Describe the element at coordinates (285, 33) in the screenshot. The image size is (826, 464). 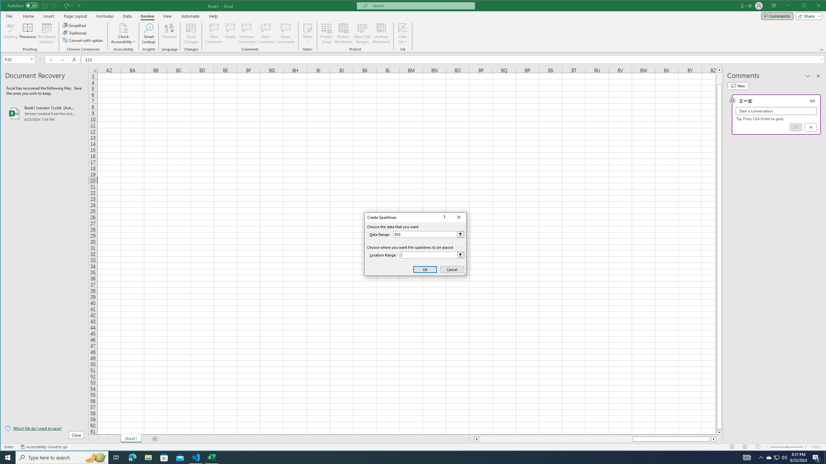
I see `'Show Comments'` at that location.